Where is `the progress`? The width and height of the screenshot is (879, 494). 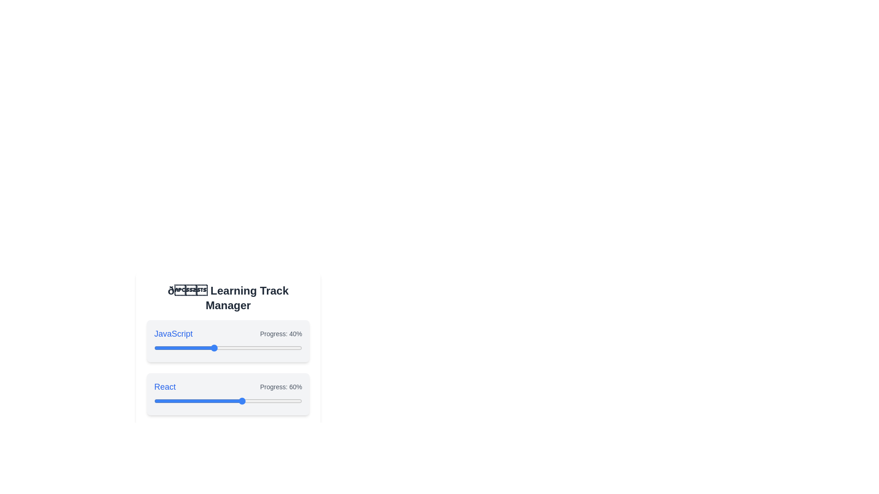 the progress is located at coordinates (178, 400).